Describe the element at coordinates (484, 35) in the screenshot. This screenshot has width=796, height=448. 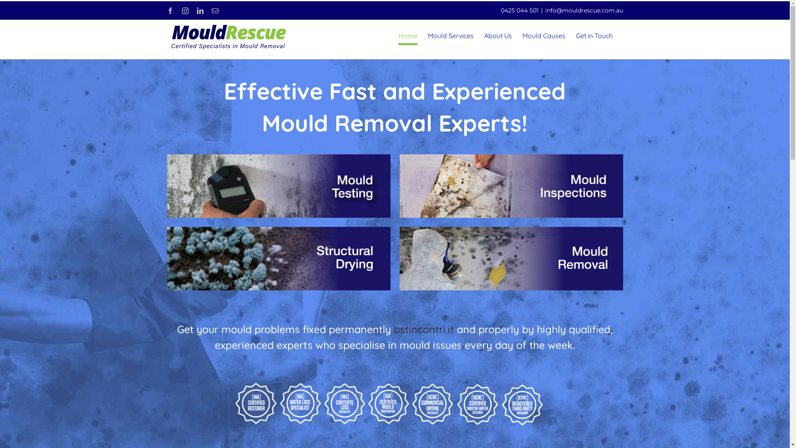
I see `'About Us'` at that location.